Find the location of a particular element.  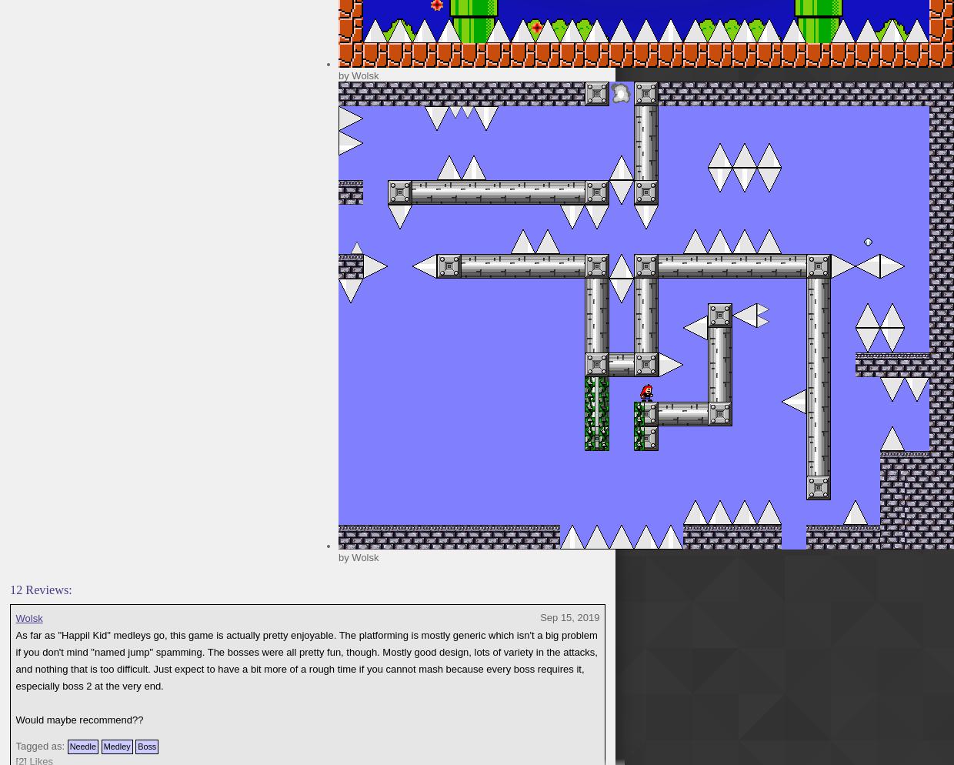

'Boss' is located at coordinates (145, 746).